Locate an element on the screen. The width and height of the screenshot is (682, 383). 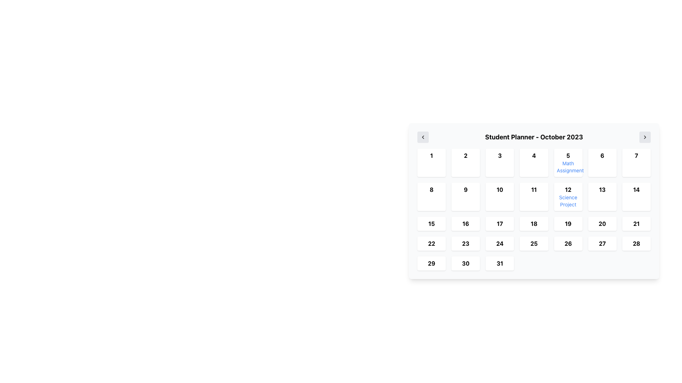
the static text label representing the date '18' in the calendar grid located in the fourth row and third column is located at coordinates (534, 224).